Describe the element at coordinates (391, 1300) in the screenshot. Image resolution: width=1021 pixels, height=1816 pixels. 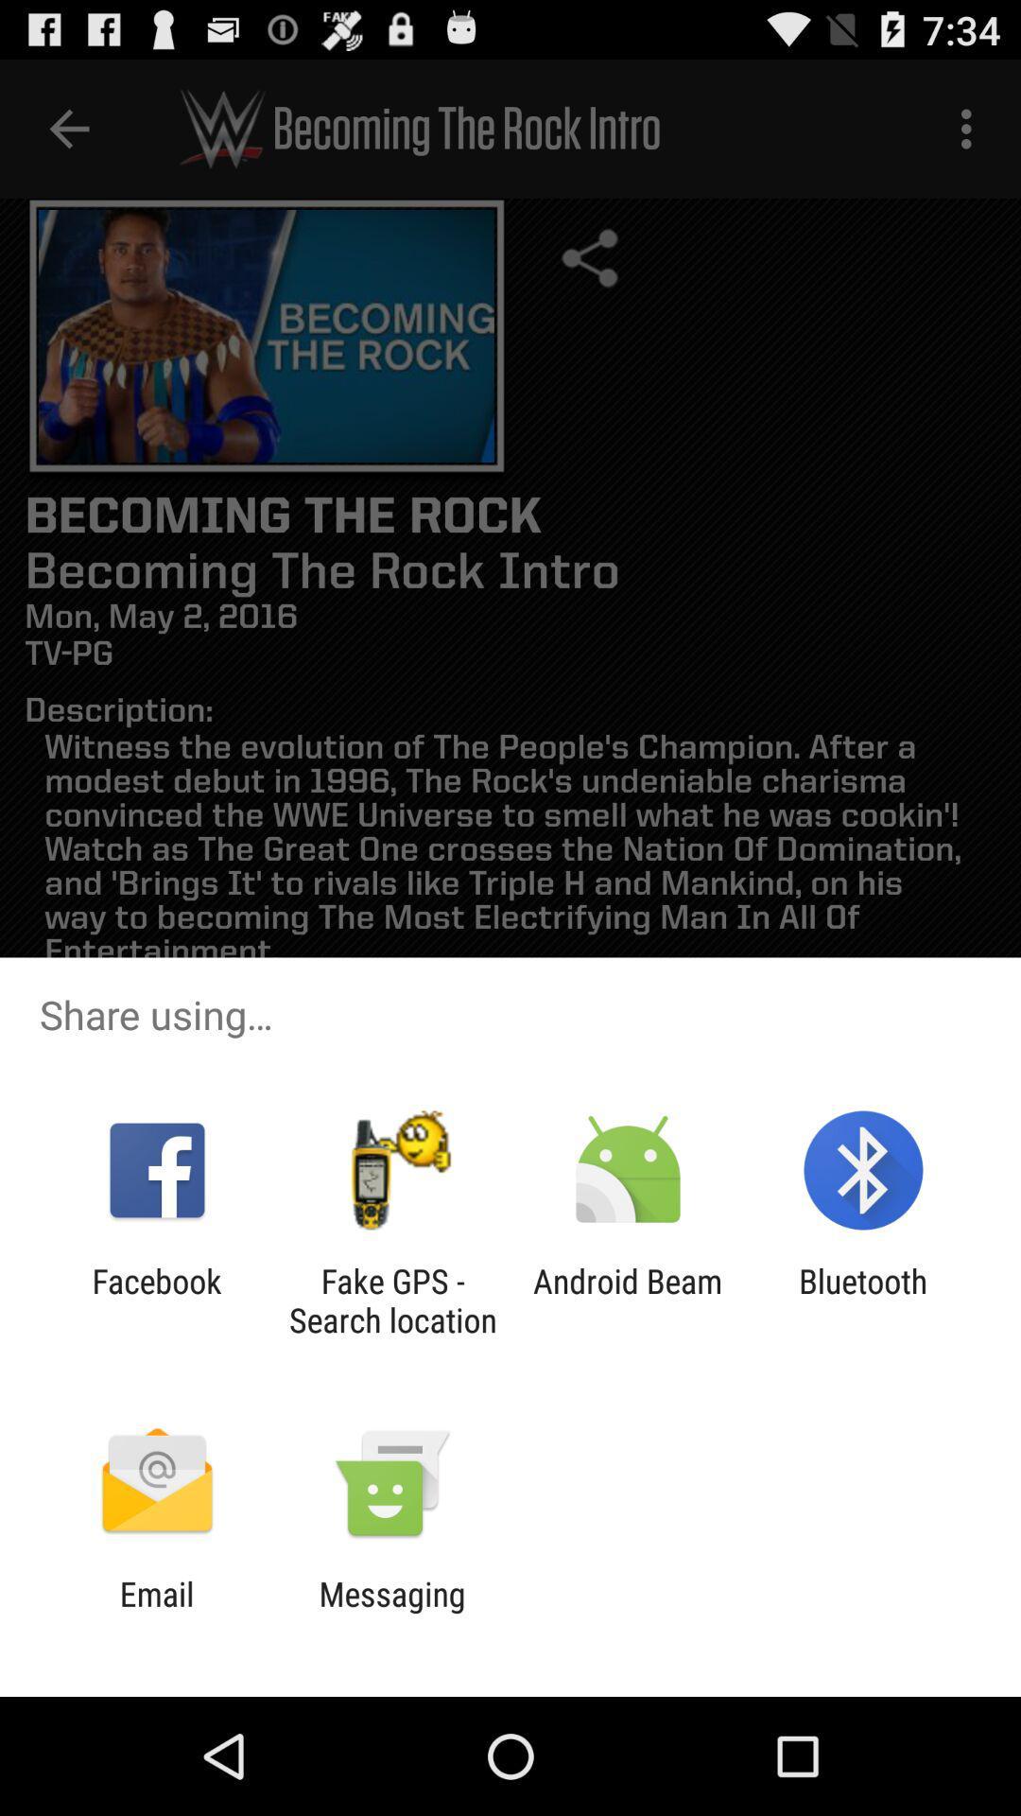
I see `the icon to the right of the facebook icon` at that location.